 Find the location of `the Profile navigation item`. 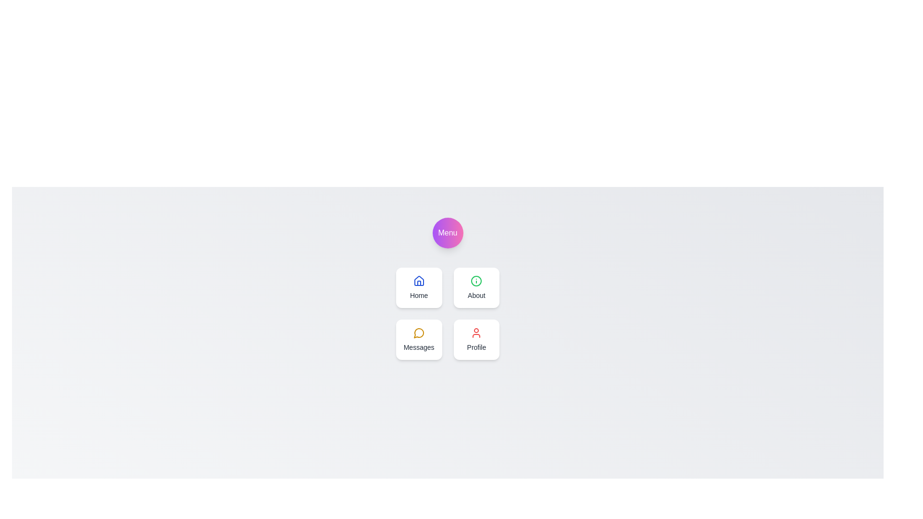

the Profile navigation item is located at coordinates (476, 339).